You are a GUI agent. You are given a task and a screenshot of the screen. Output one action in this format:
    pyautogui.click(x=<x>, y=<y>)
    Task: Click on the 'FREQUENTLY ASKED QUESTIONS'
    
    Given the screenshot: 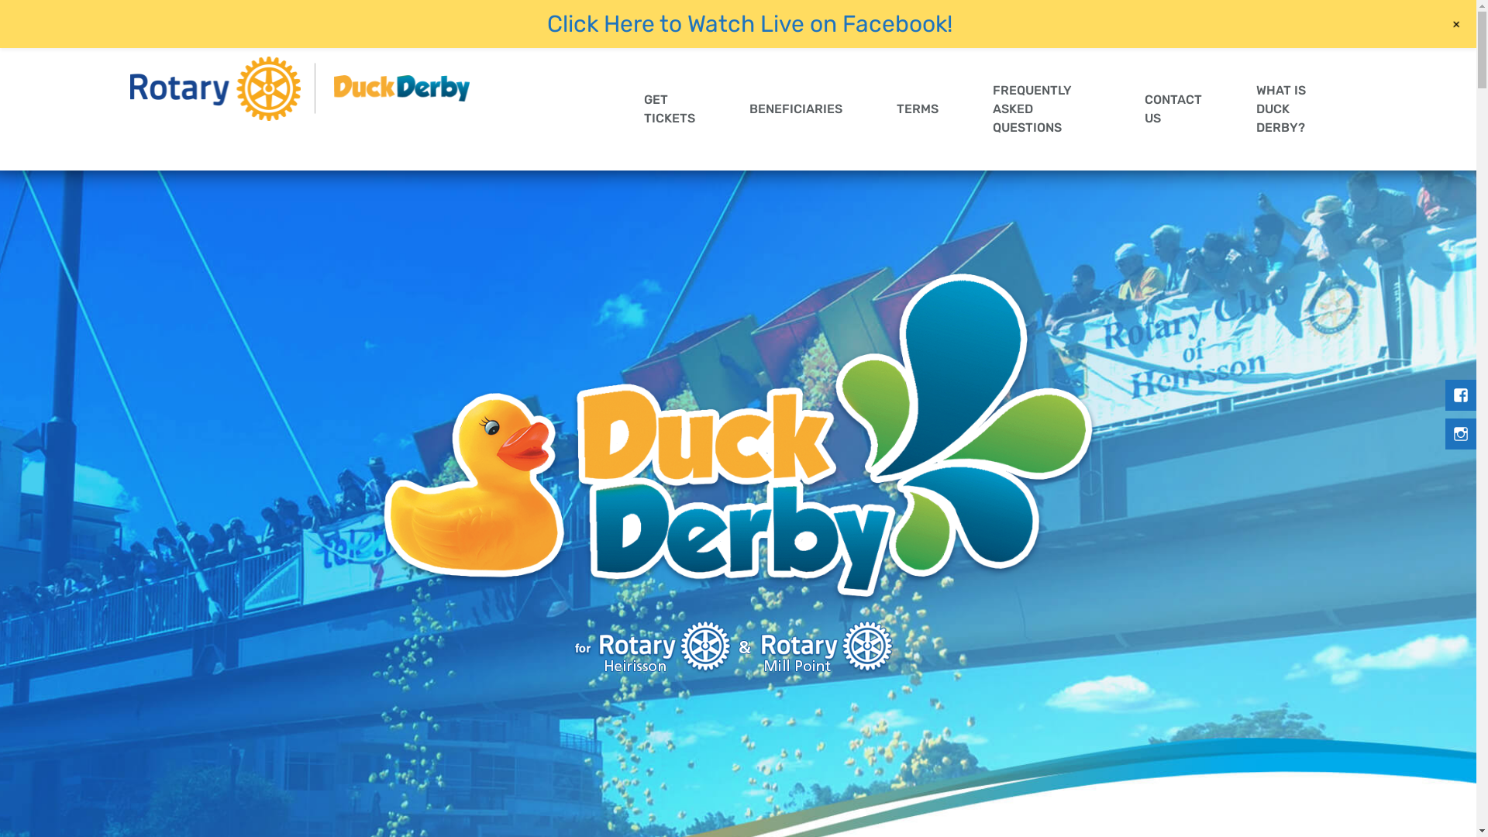 What is the action you would take?
    pyautogui.click(x=1042, y=108)
    